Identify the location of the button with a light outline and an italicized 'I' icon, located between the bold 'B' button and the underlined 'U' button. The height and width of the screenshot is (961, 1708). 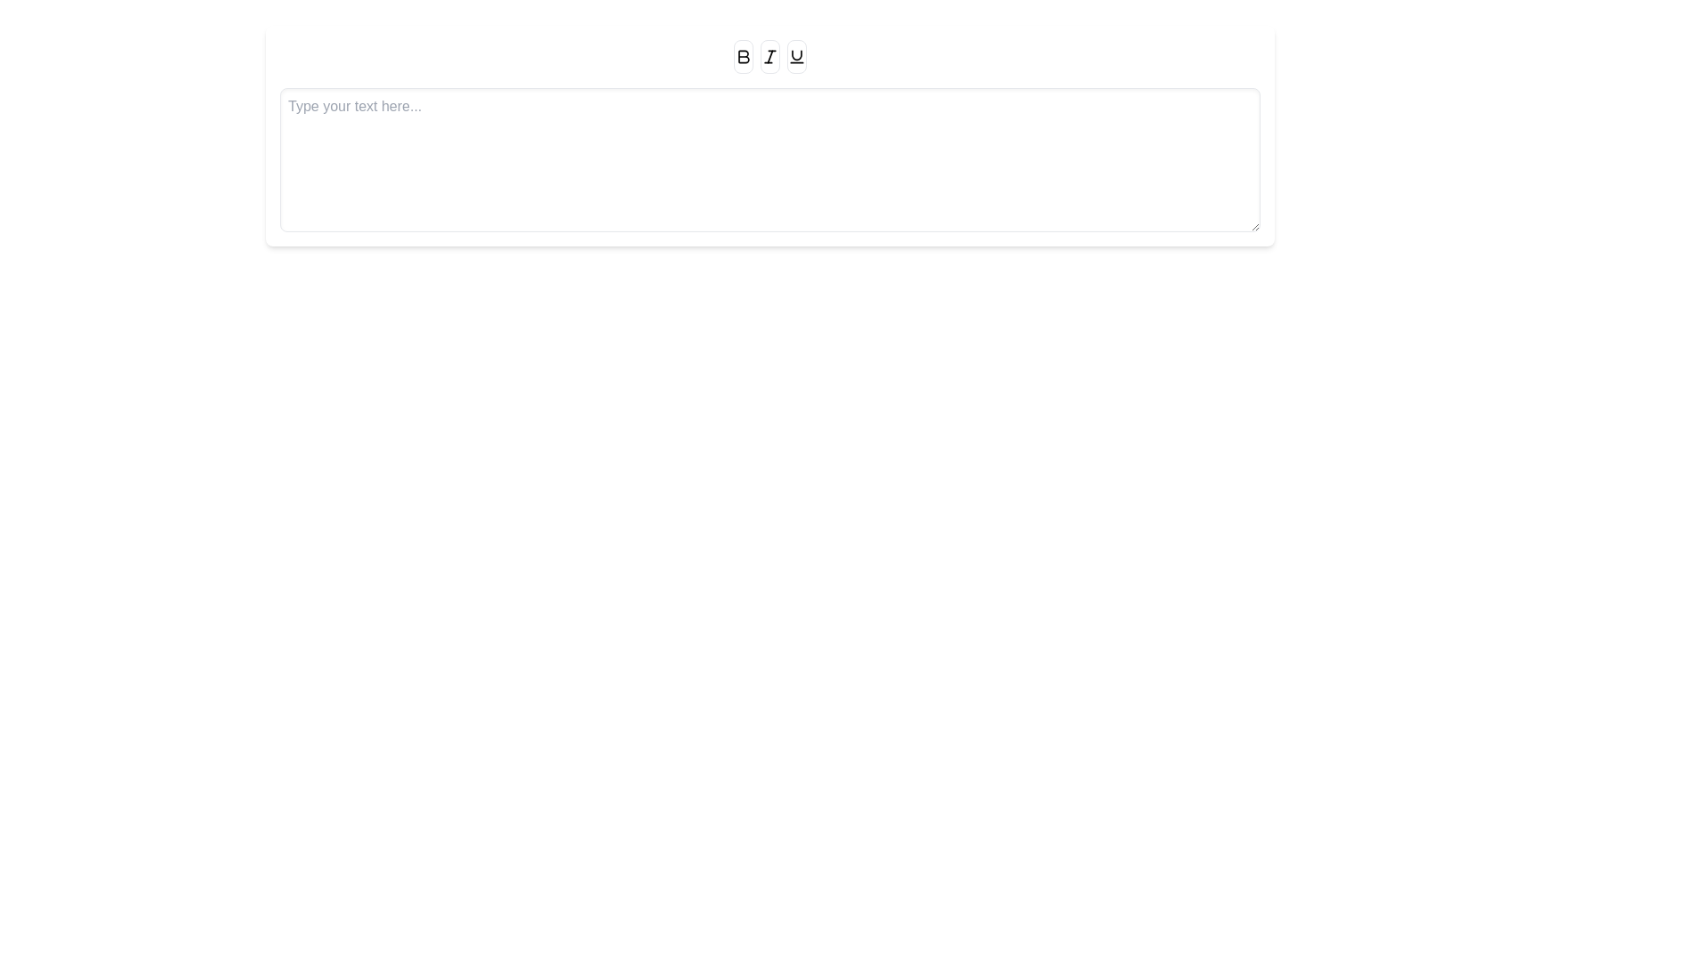
(769, 56).